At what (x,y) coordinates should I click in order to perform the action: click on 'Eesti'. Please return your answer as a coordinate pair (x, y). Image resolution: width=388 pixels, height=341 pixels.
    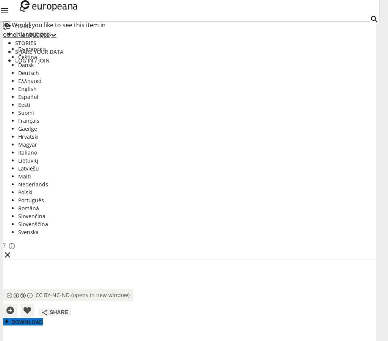
    Looking at the image, I should click on (24, 104).